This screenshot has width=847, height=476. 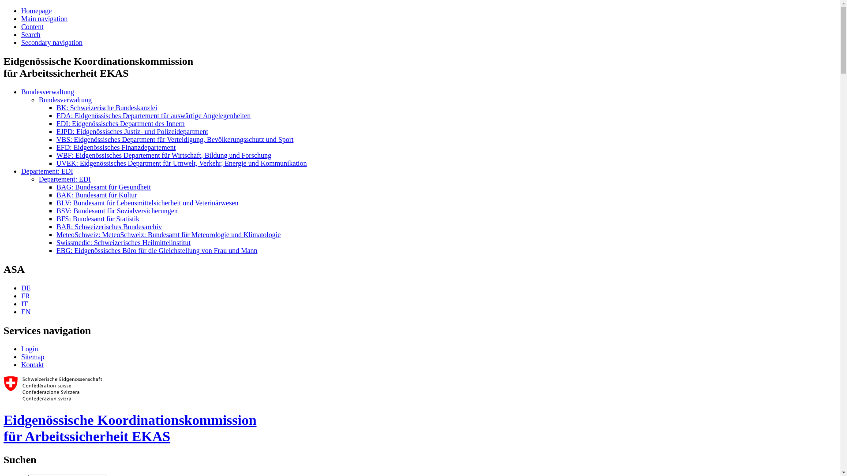 What do you see at coordinates (38, 178) in the screenshot?
I see `'Departement: EDI'` at bounding box center [38, 178].